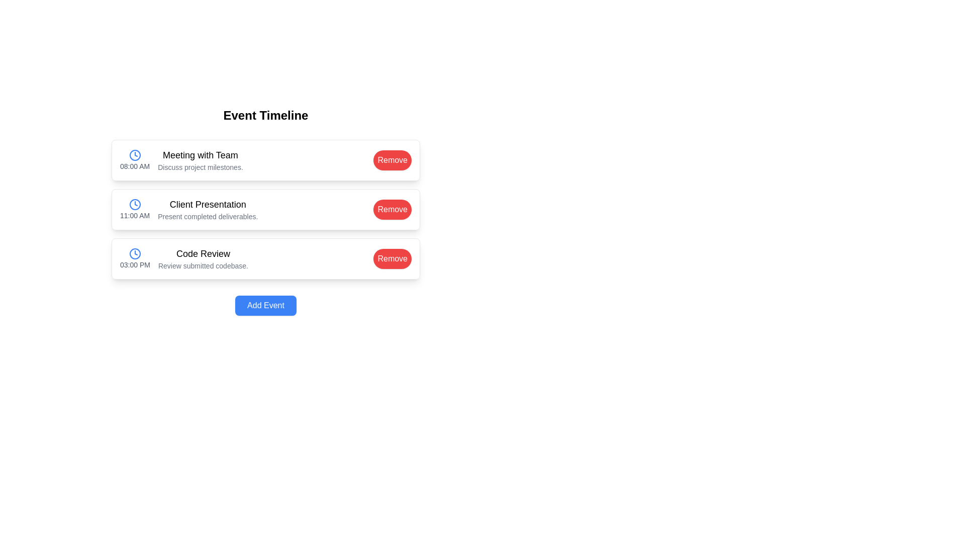 The width and height of the screenshot is (965, 543). Describe the element at coordinates (134, 160) in the screenshot. I see `the displayed time and icon of the first scheduled event, which features a blue clock icon above the text '08:00 AM'` at that location.